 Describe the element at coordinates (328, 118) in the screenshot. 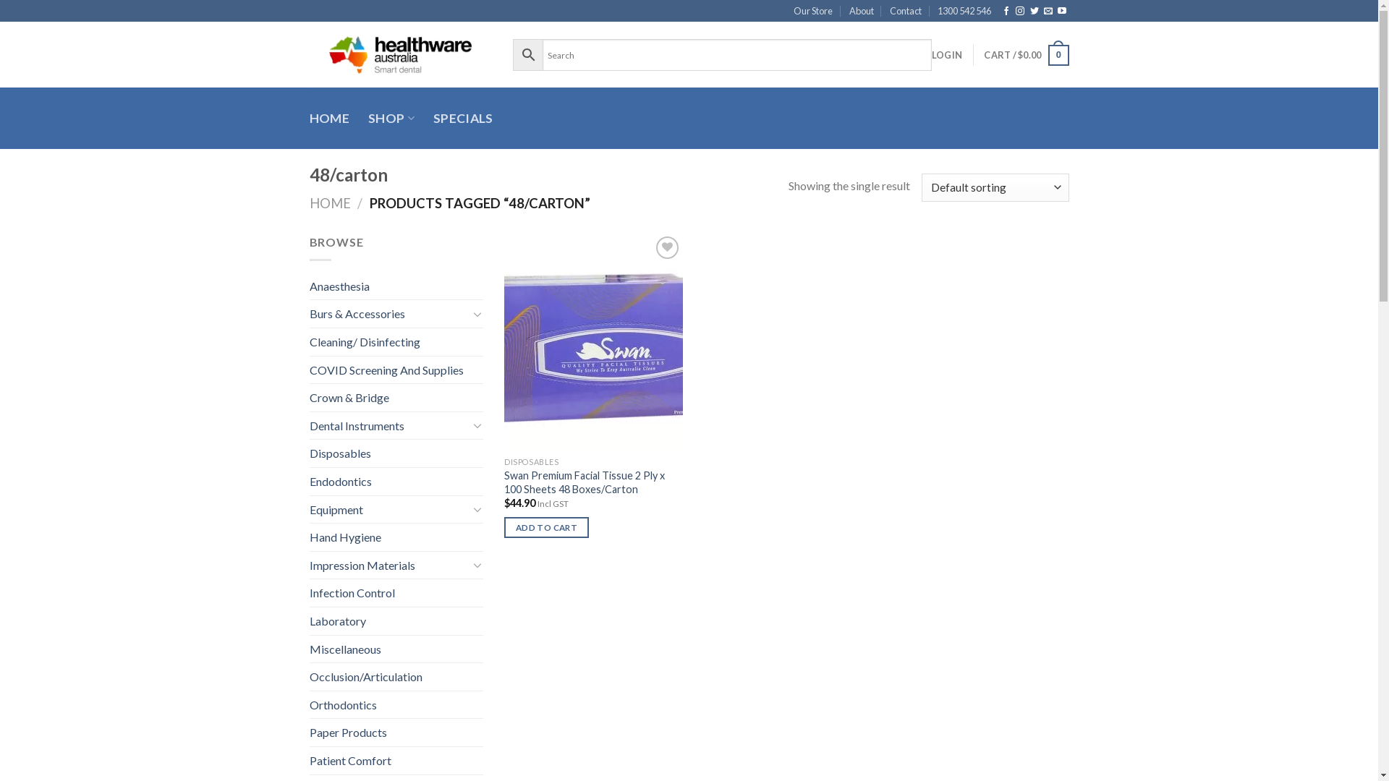

I see `'HOME'` at that location.